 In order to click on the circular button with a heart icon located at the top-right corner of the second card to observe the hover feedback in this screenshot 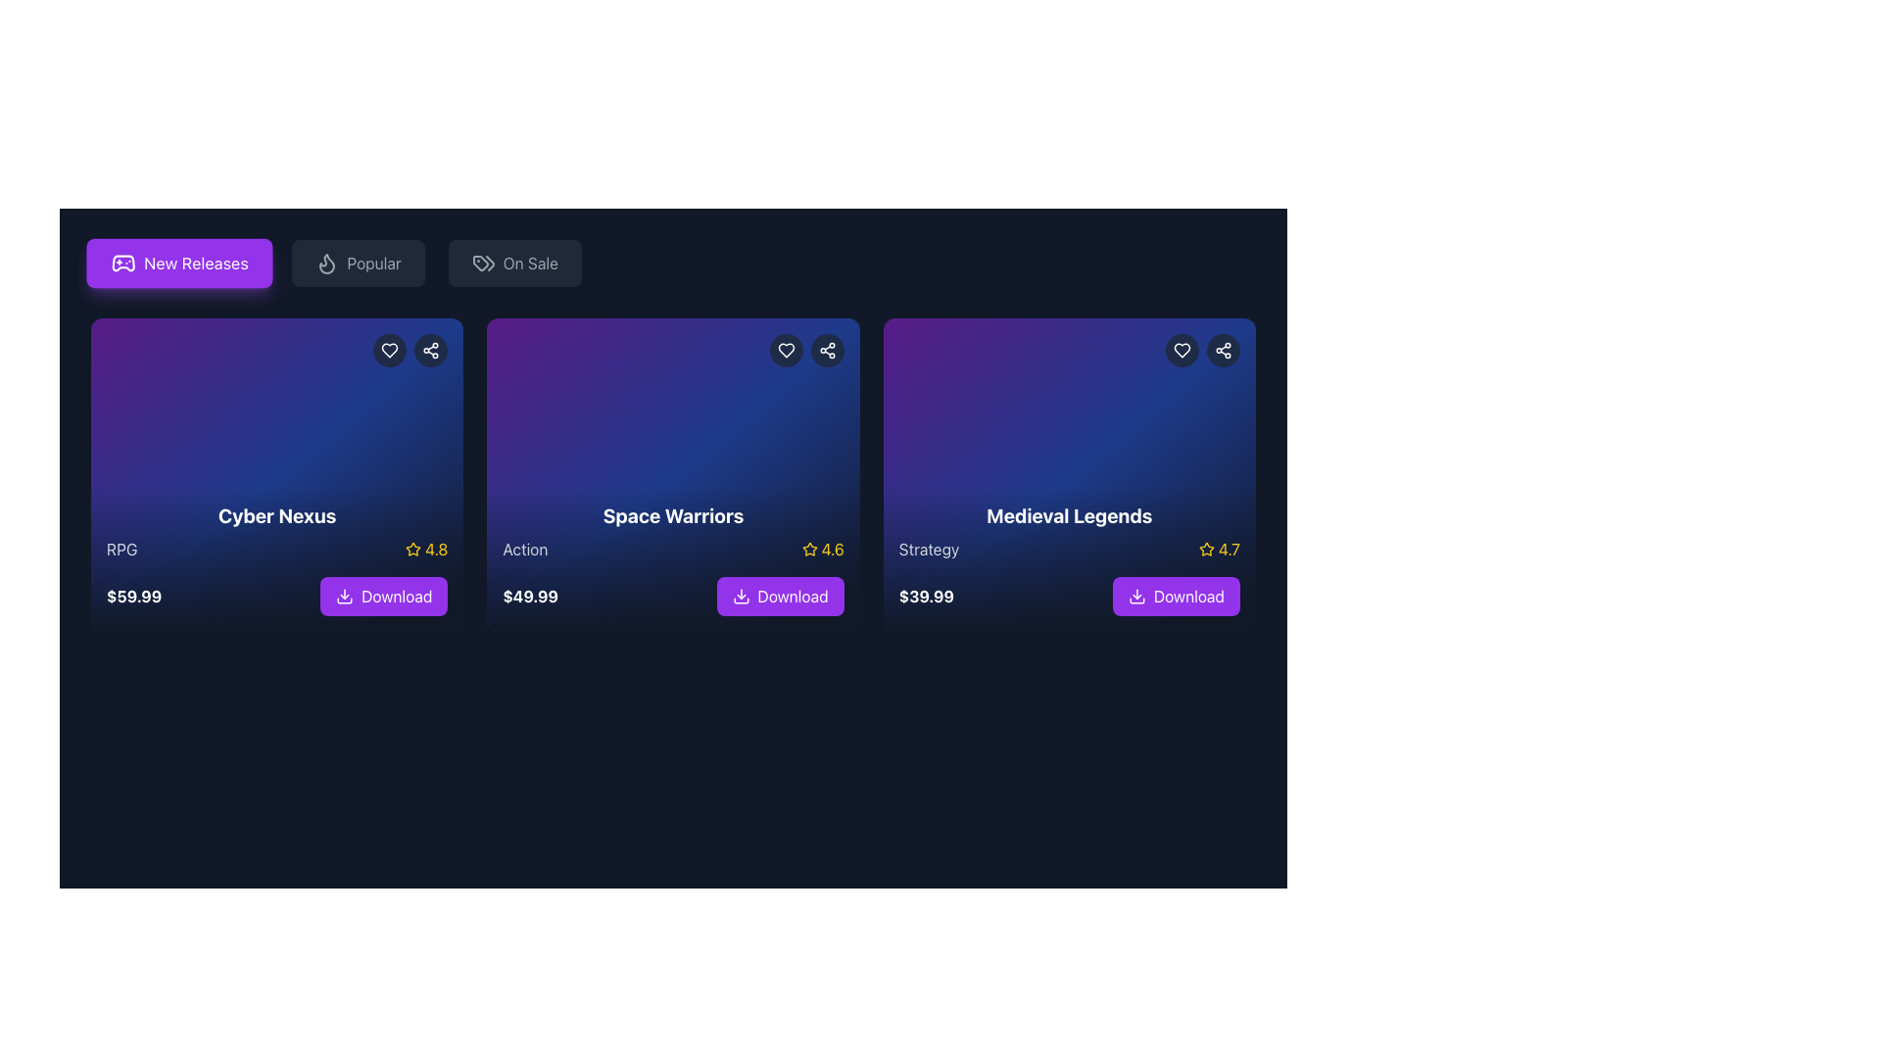, I will do `click(786, 350)`.